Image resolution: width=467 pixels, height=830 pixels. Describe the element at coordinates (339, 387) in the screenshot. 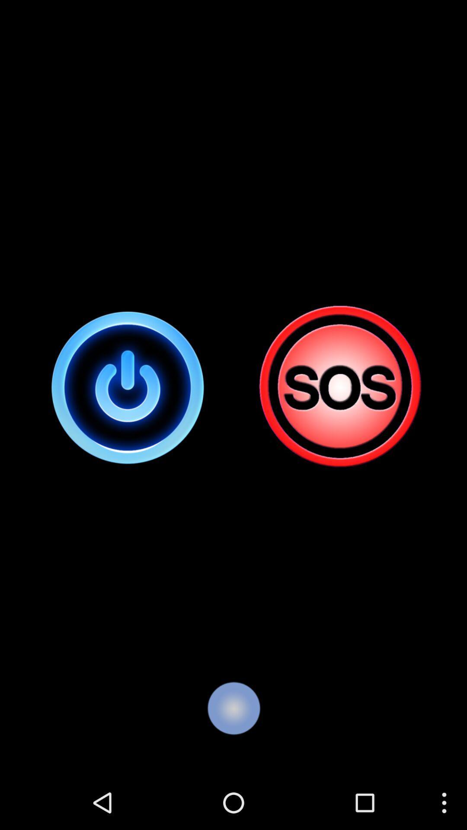

I see `button on the right` at that location.